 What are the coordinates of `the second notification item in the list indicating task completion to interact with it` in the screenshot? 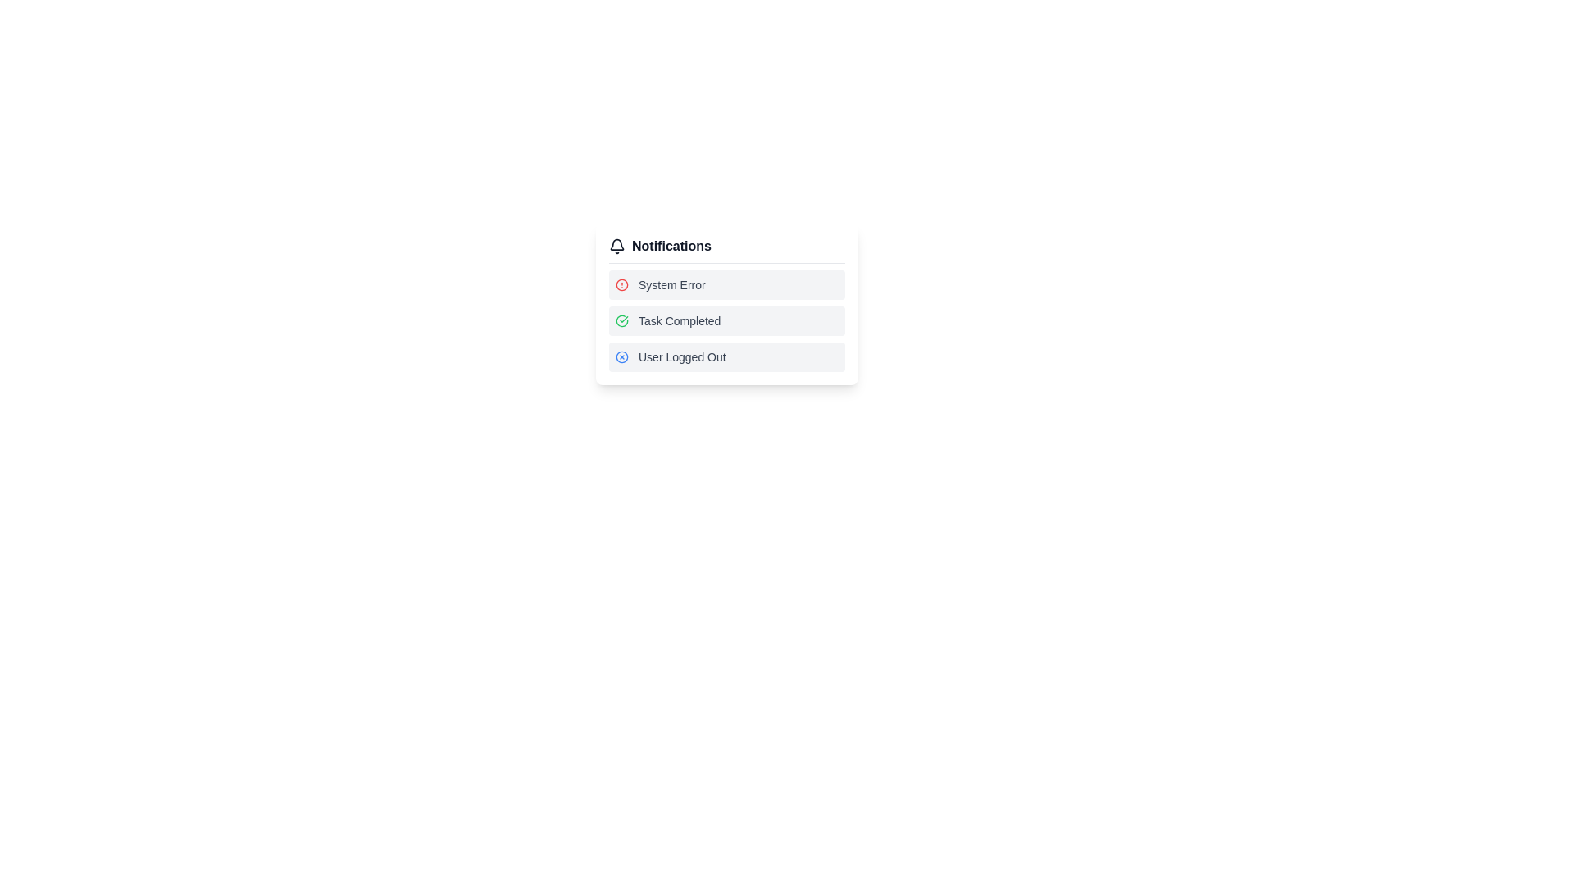 It's located at (726, 321).